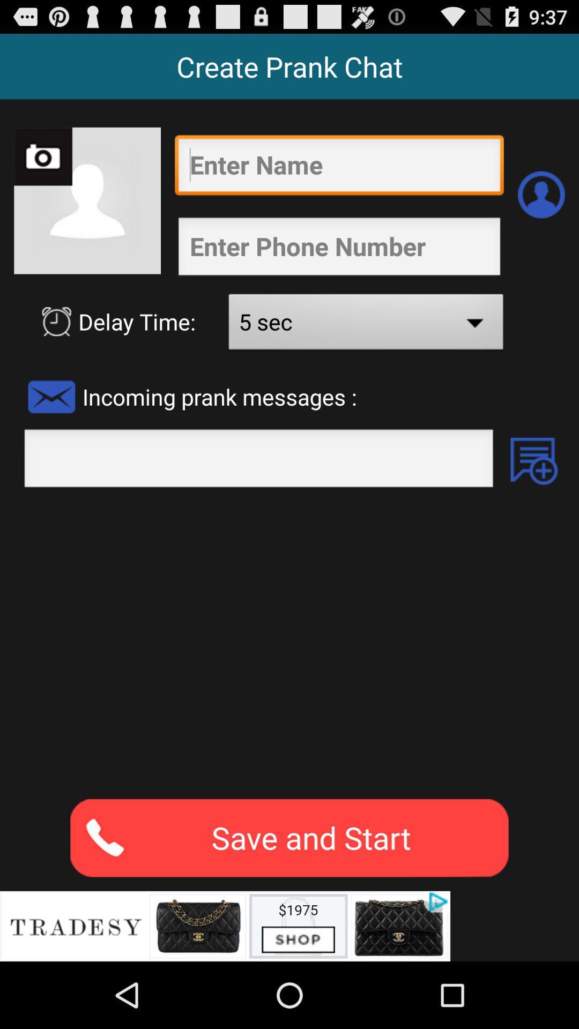  What do you see at coordinates (541, 208) in the screenshot?
I see `the avatar icon` at bounding box center [541, 208].